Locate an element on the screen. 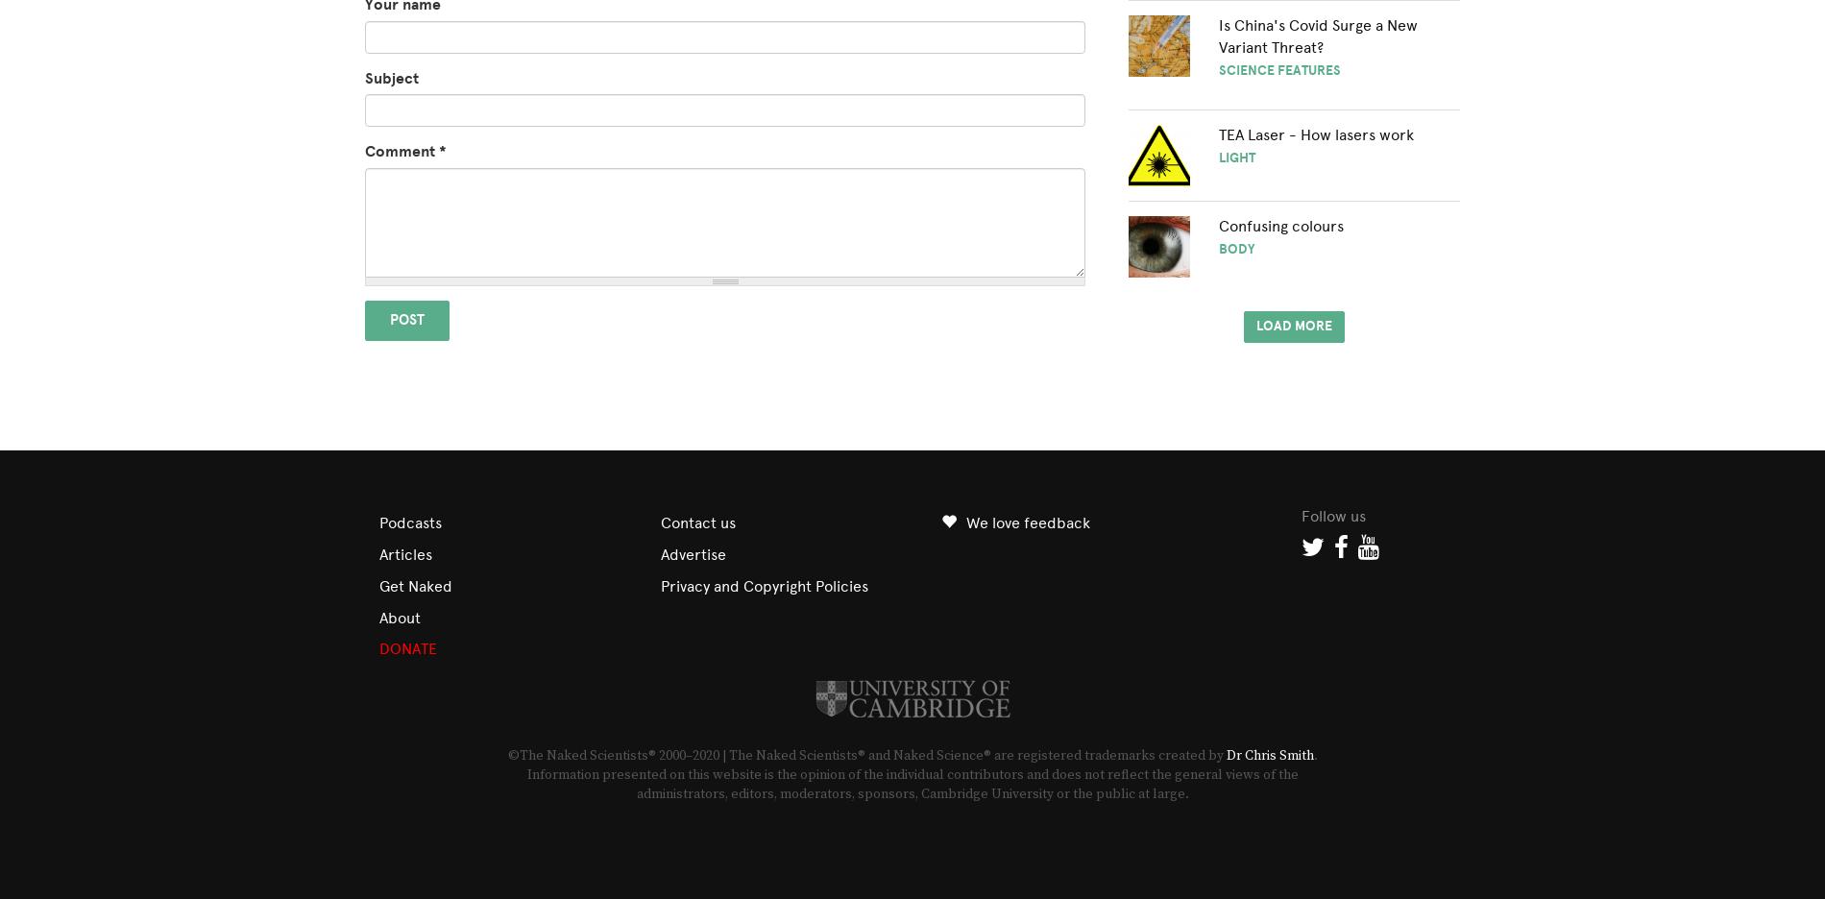  'Load more' is located at coordinates (1293, 324).